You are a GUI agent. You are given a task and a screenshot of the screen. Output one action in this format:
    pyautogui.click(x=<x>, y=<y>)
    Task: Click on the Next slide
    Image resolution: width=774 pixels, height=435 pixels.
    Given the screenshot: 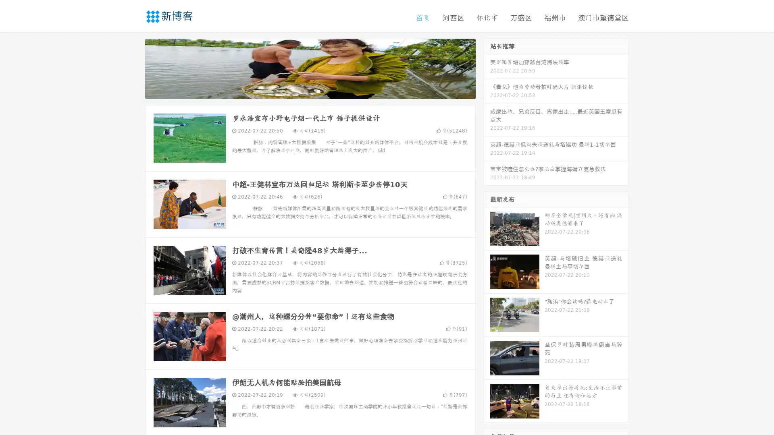 What is the action you would take?
    pyautogui.click(x=487, y=68)
    